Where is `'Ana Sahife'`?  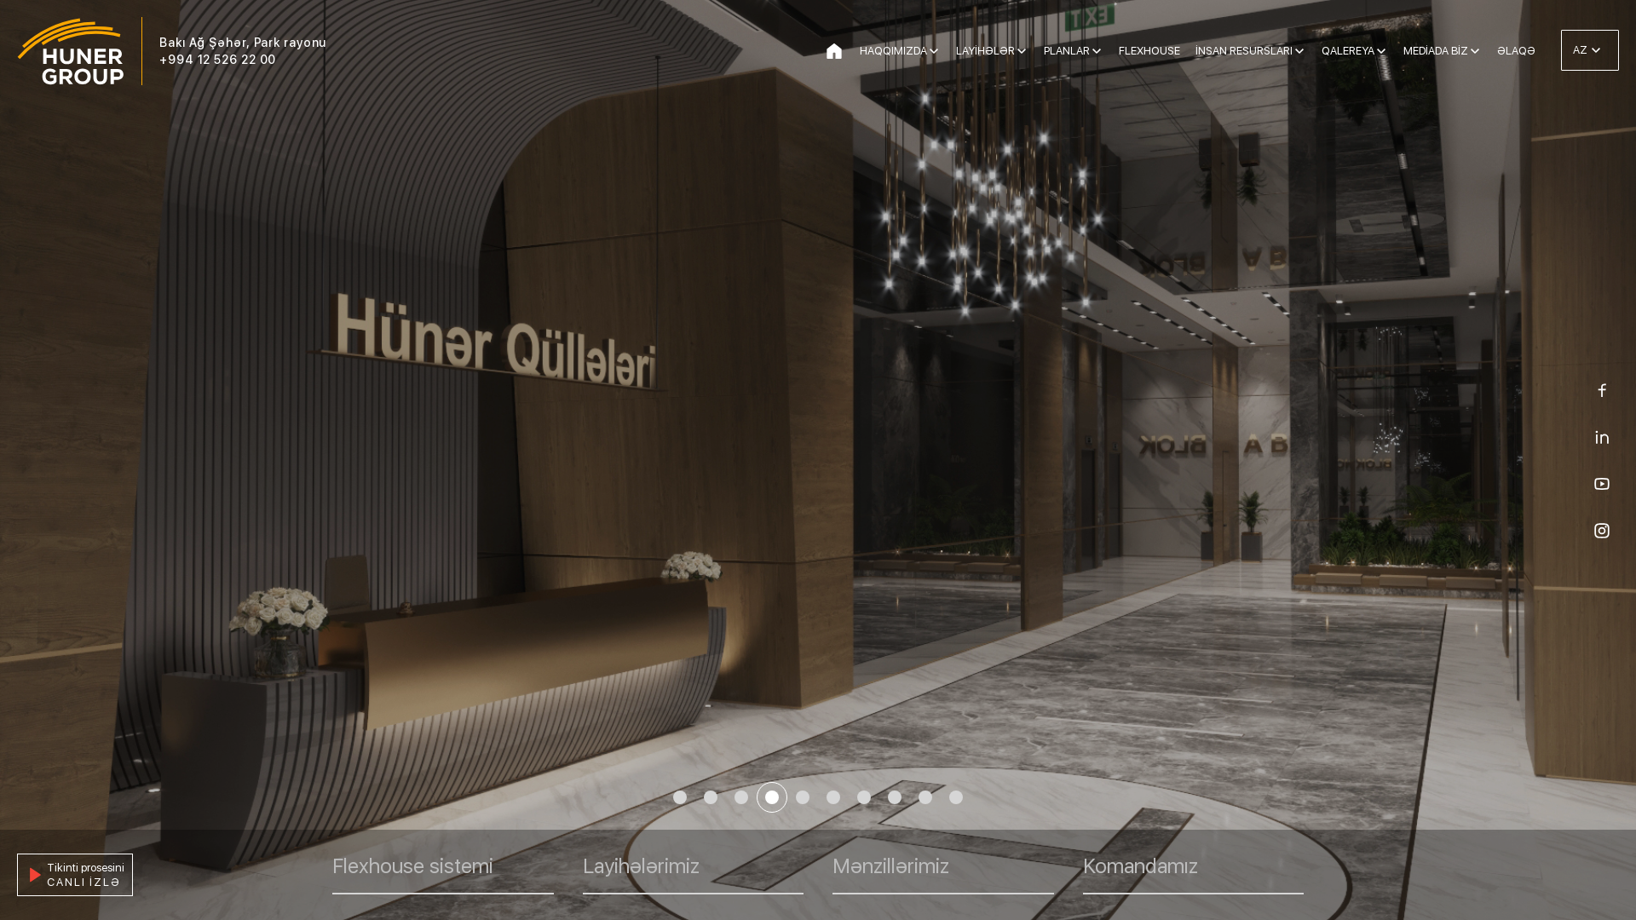
'Ana Sahife' is located at coordinates (823, 50).